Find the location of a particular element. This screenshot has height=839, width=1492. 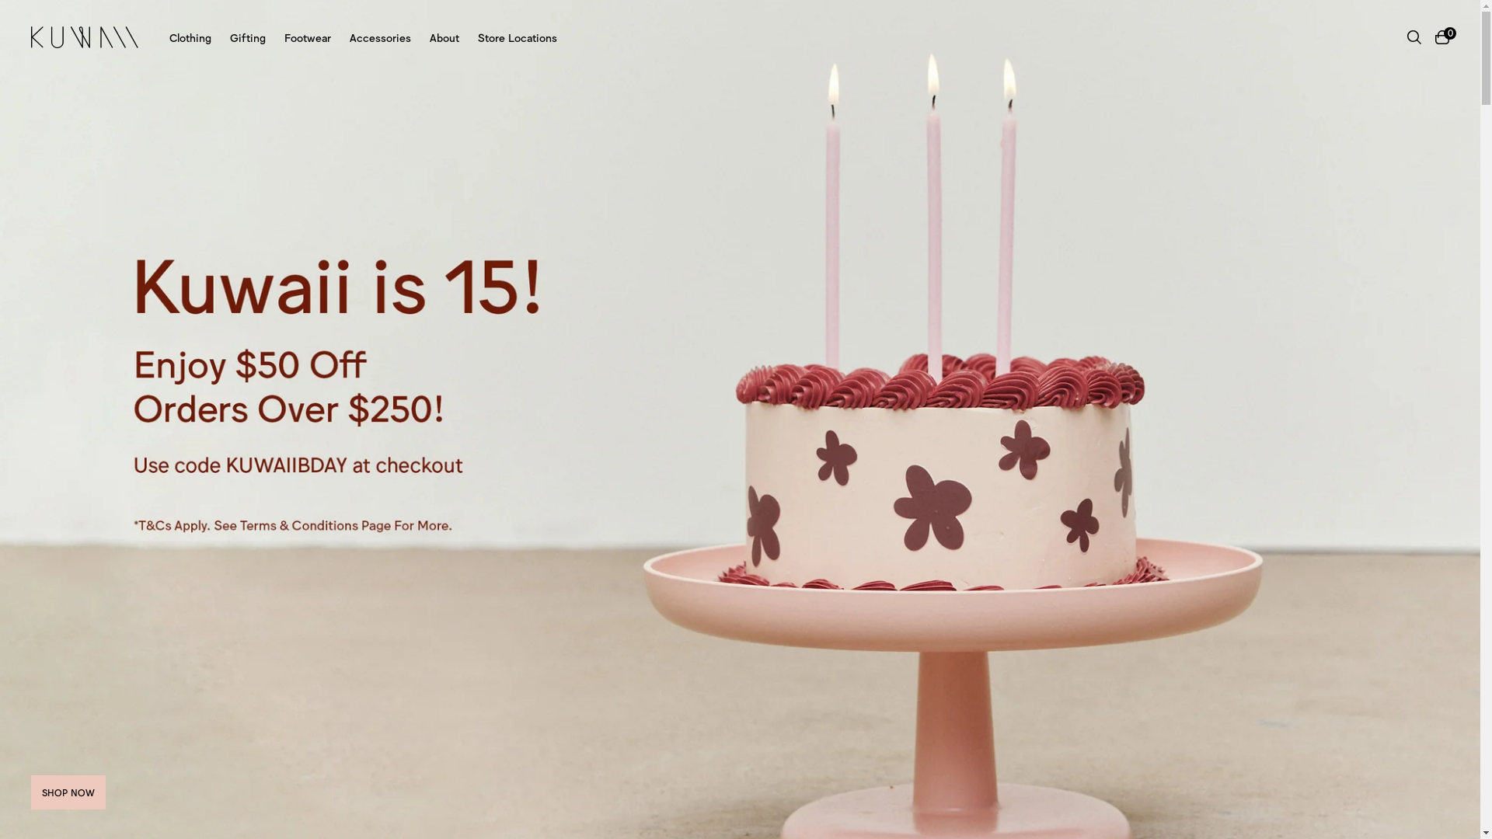

'Gifting' is located at coordinates (246, 36).